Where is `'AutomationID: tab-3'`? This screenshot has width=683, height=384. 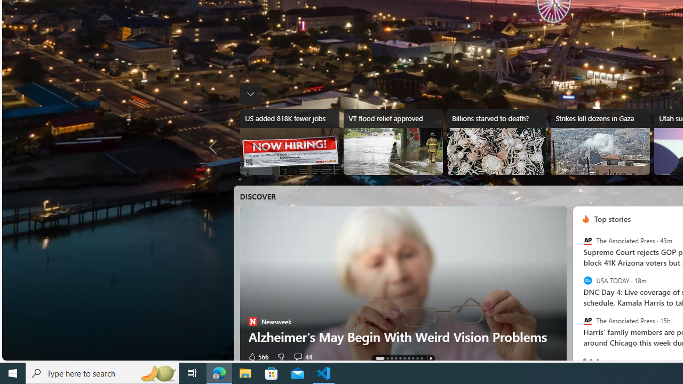 'AutomationID: tab-3' is located at coordinates (395, 358).